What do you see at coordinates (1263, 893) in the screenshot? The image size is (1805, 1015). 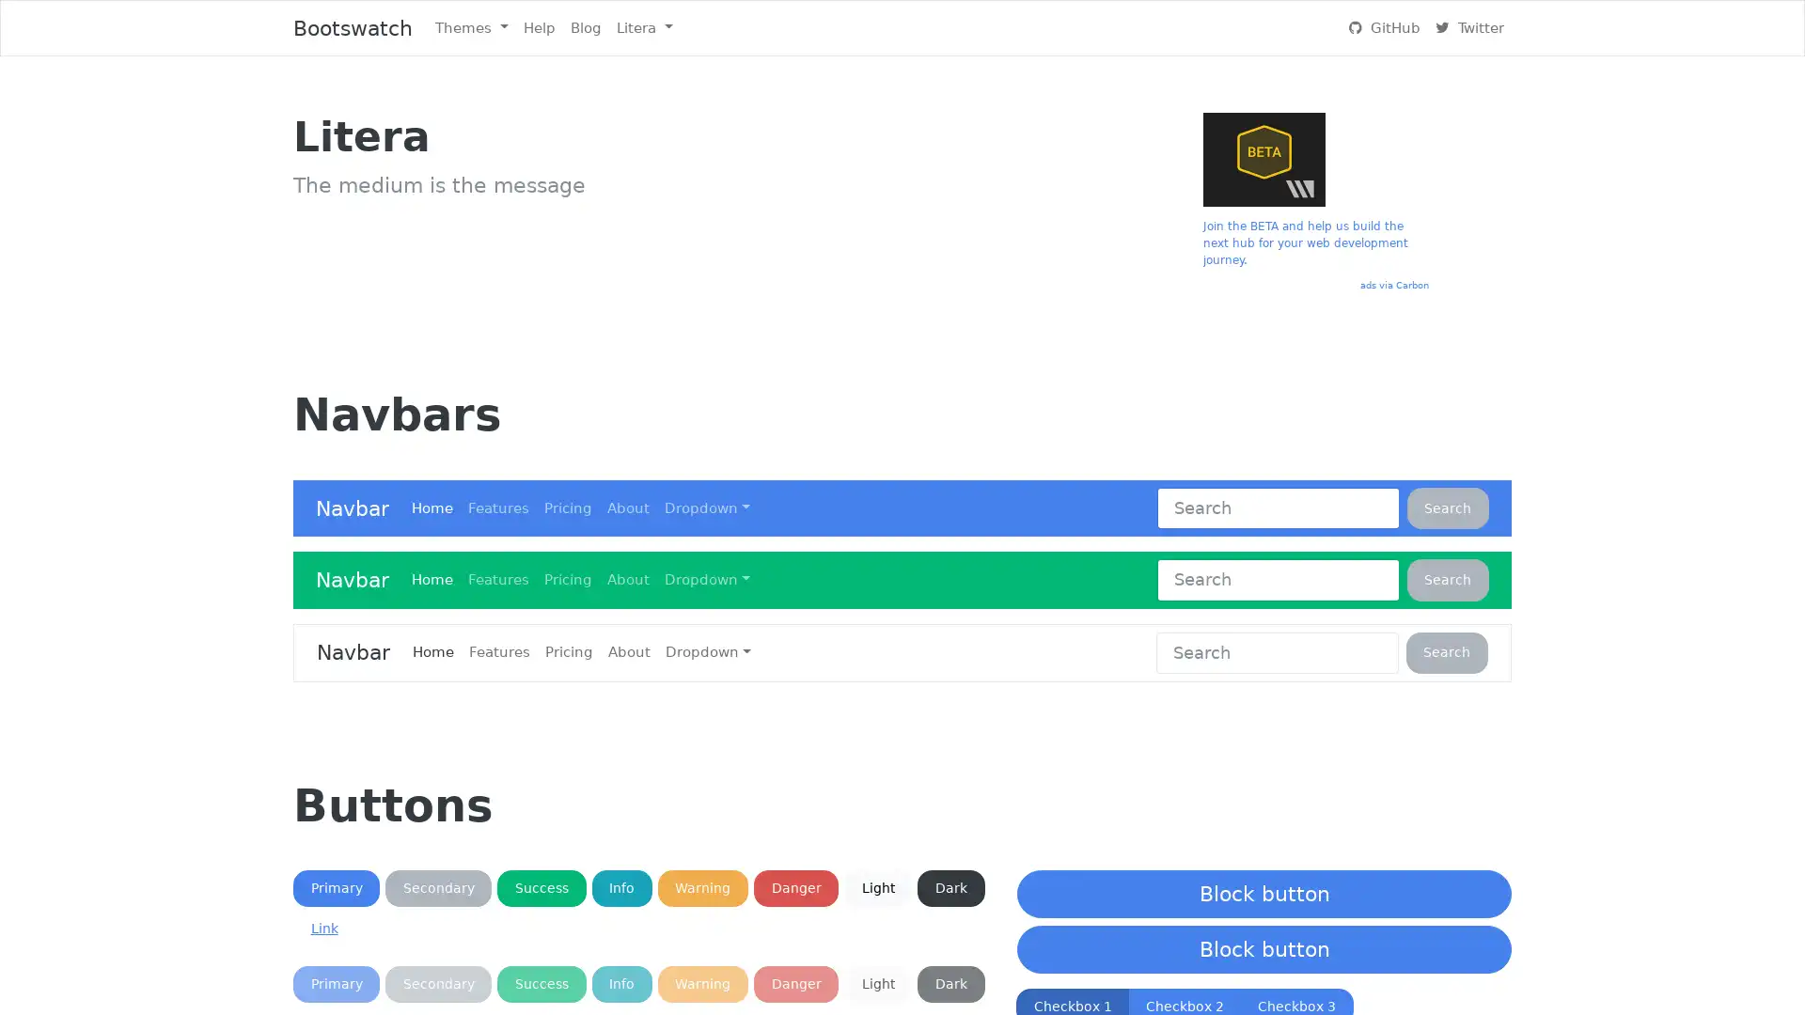 I see `Block button` at bounding box center [1263, 893].